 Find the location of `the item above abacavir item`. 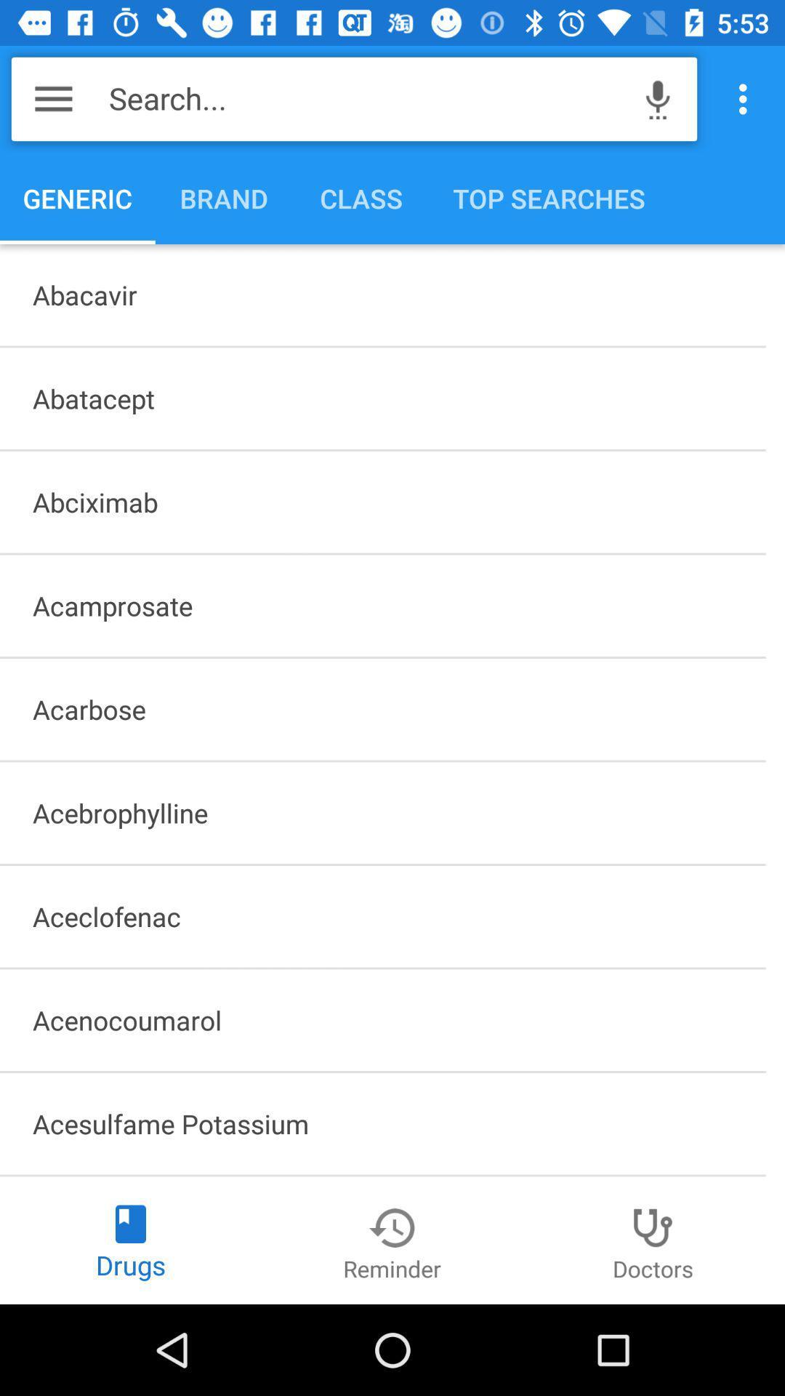

the item above abacavir item is located at coordinates (746, 98).